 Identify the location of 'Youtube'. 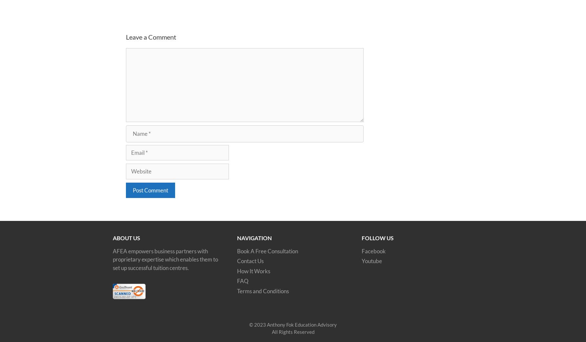
(372, 261).